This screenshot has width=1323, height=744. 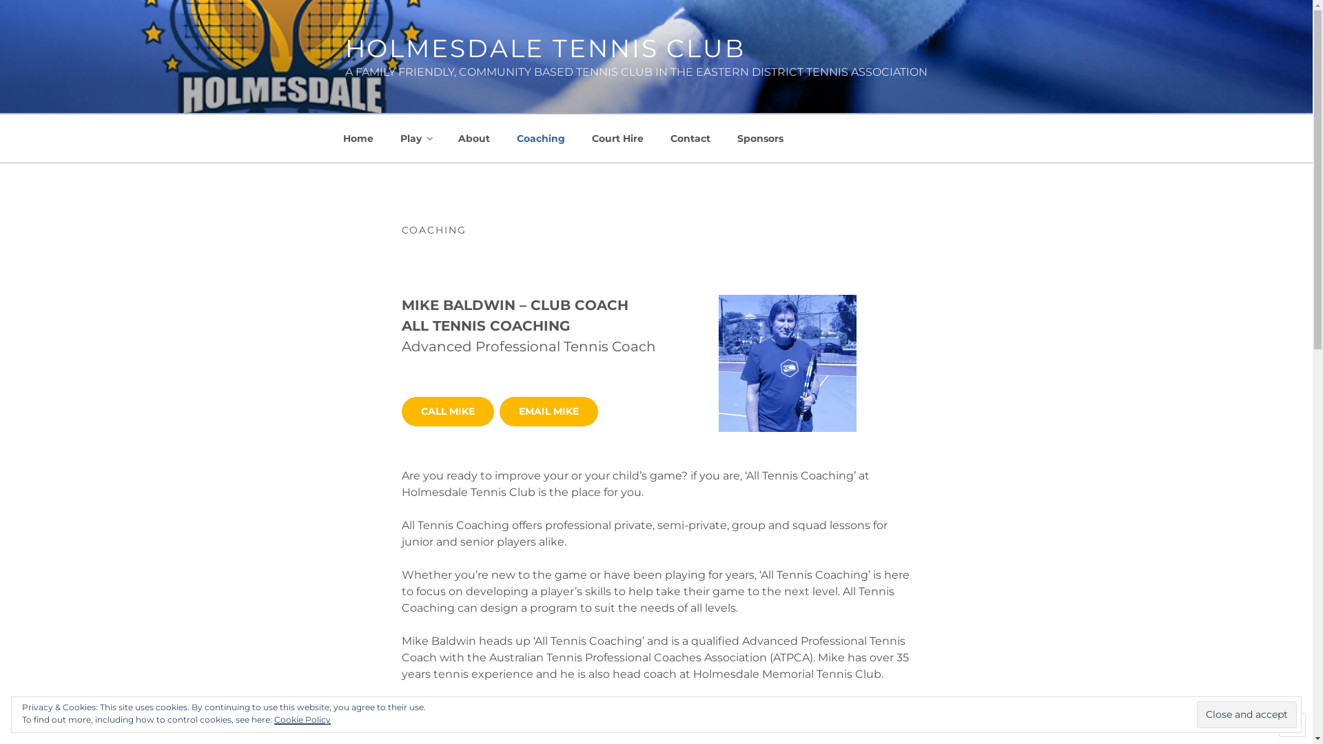 What do you see at coordinates (617, 138) in the screenshot?
I see `'Court Hire'` at bounding box center [617, 138].